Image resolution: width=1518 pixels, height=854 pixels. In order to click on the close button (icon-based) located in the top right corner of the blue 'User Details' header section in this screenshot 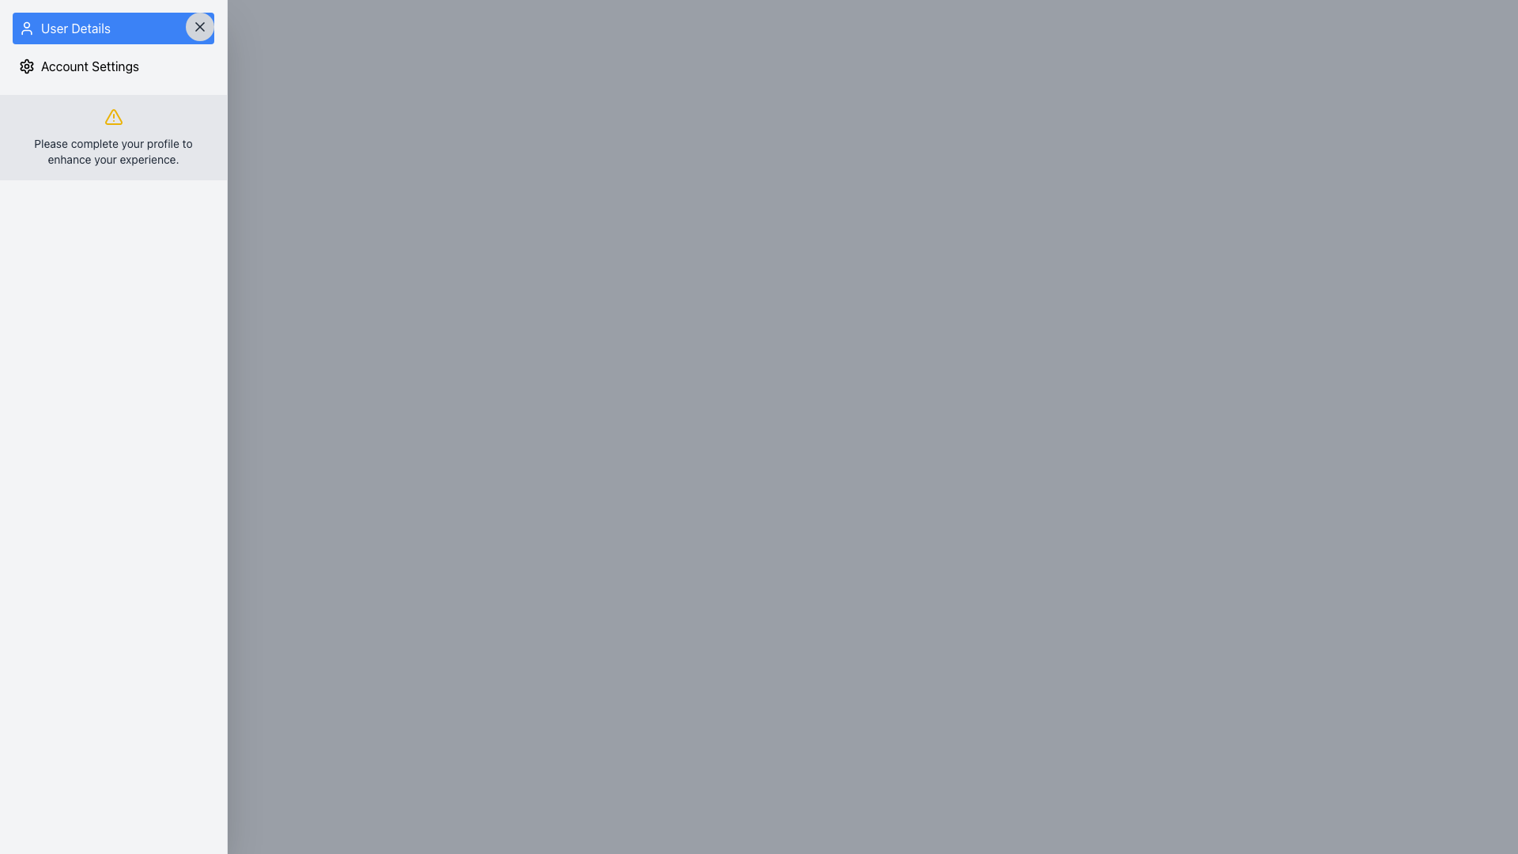, I will do `click(199, 27)`.